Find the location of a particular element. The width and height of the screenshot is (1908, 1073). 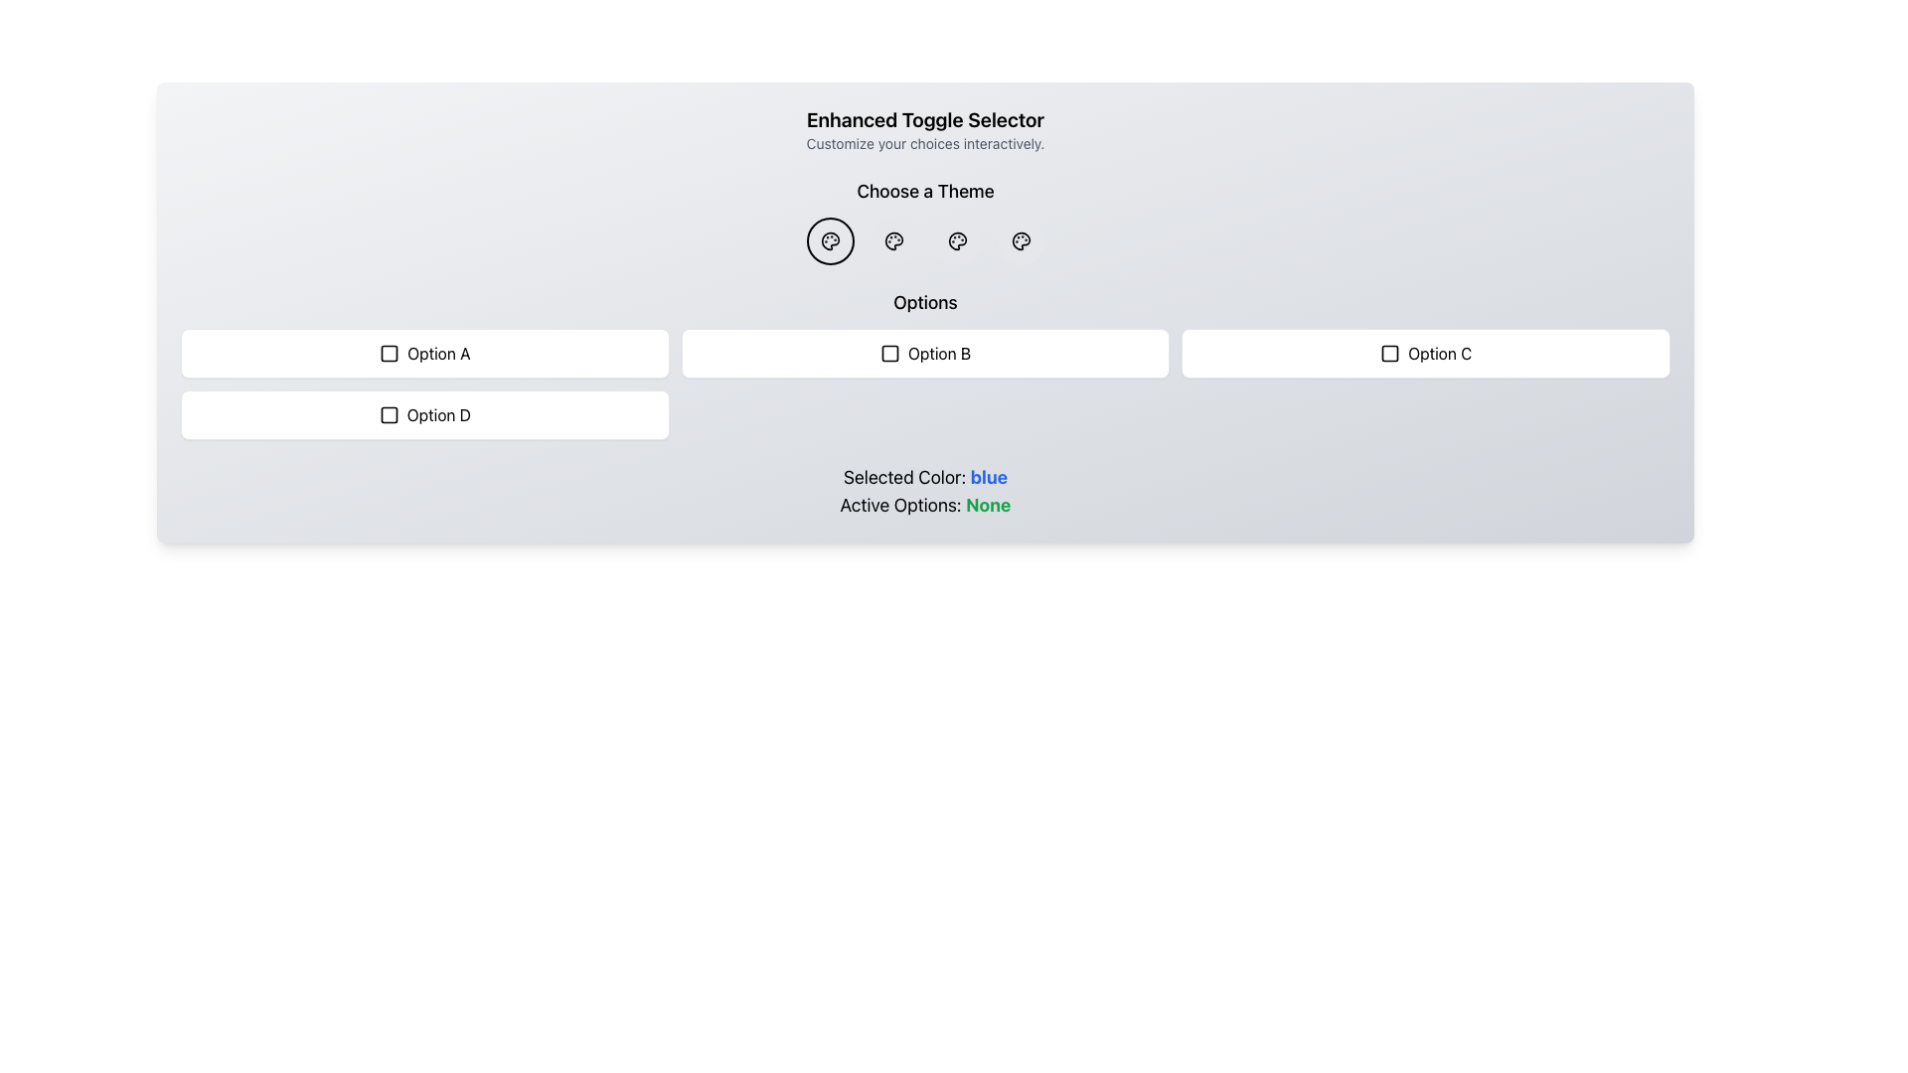

the inner component of the checkbox for 'Option B' is located at coordinates (888, 352).